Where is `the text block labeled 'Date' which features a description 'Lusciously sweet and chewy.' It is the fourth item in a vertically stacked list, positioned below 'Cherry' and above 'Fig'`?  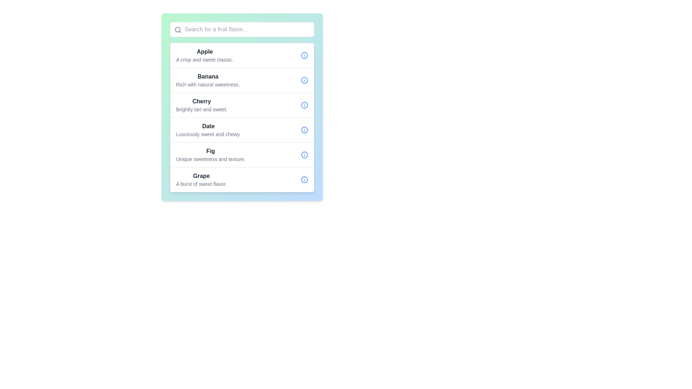 the text block labeled 'Date' which features a description 'Lusciously sweet and chewy.' It is the fourth item in a vertically stacked list, positioned below 'Cherry' and above 'Fig' is located at coordinates (208, 130).